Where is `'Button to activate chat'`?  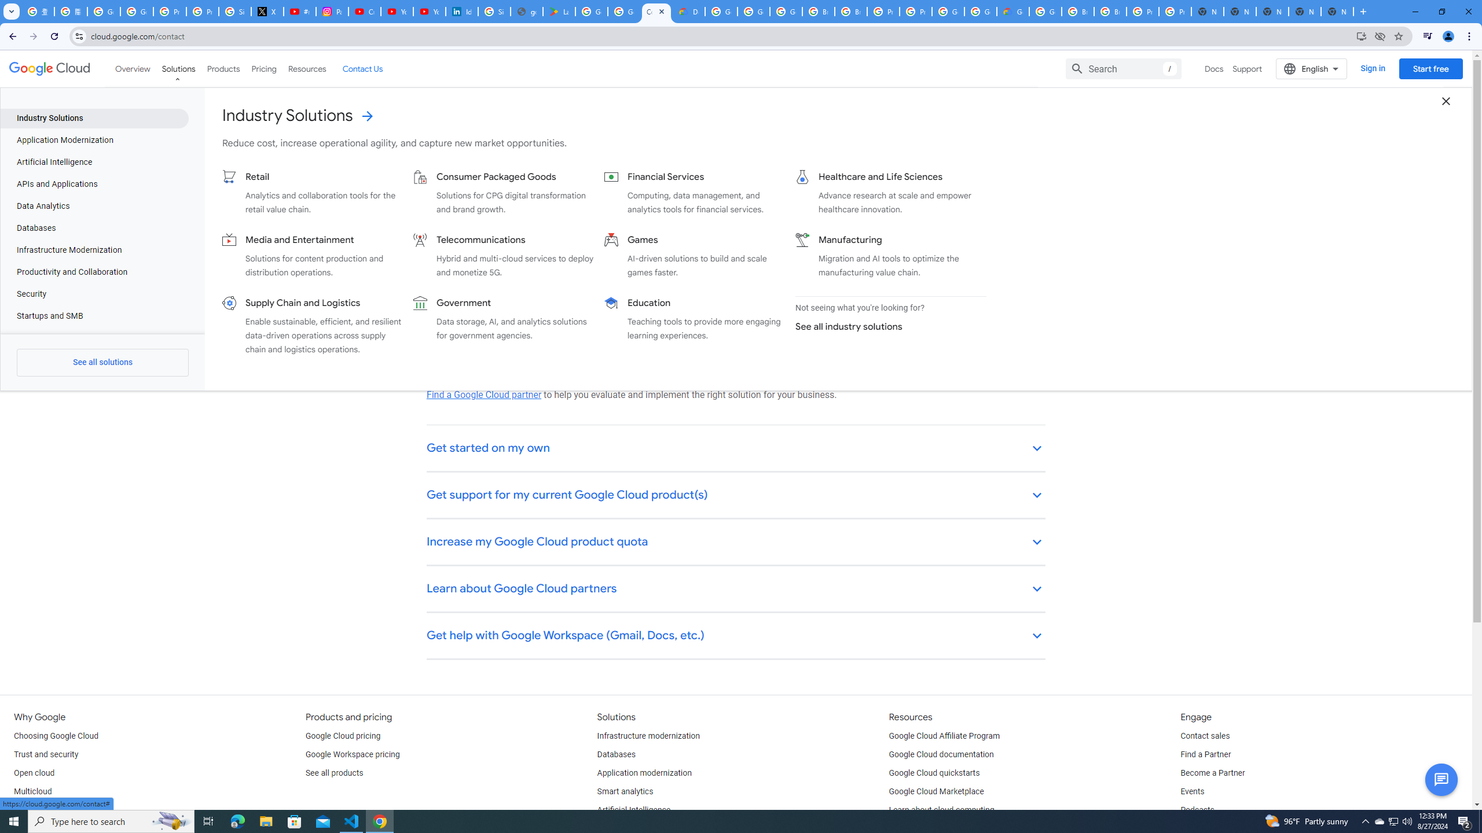
'Button to activate chat' is located at coordinates (1441, 780).